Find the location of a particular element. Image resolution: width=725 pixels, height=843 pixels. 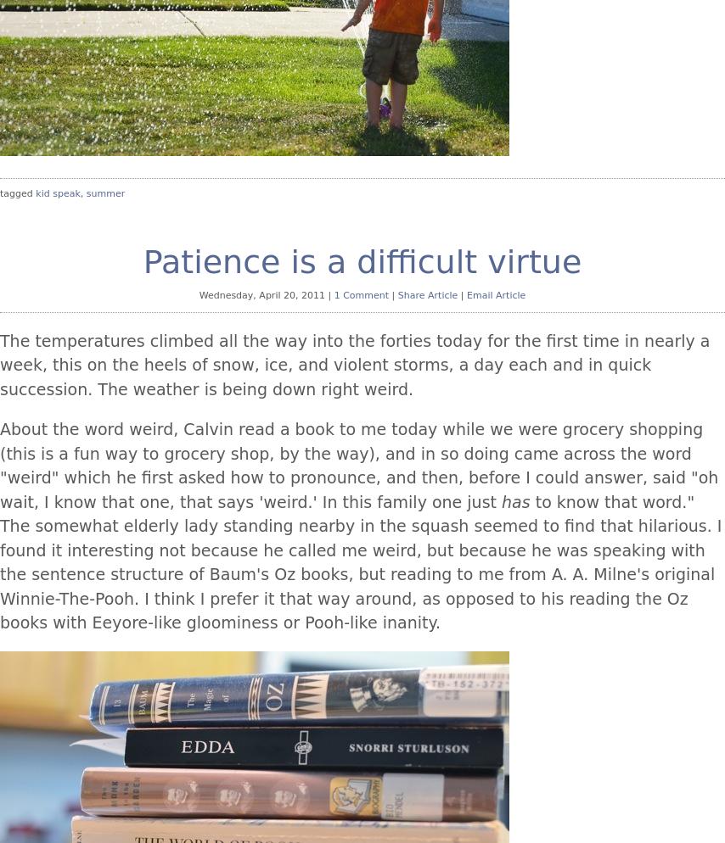

'tagged' is located at coordinates (17, 193).